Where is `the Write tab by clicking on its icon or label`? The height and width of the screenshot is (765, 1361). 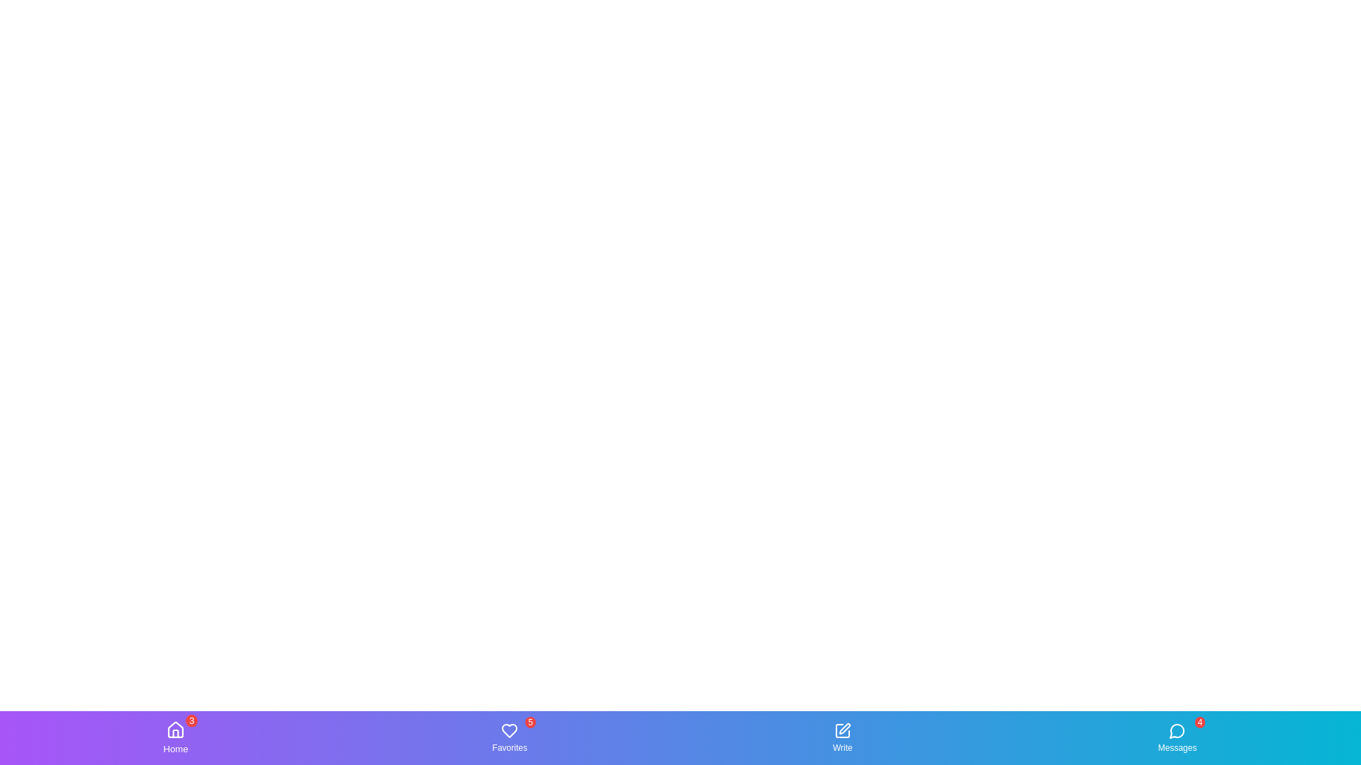
the Write tab by clicking on its icon or label is located at coordinates (842, 737).